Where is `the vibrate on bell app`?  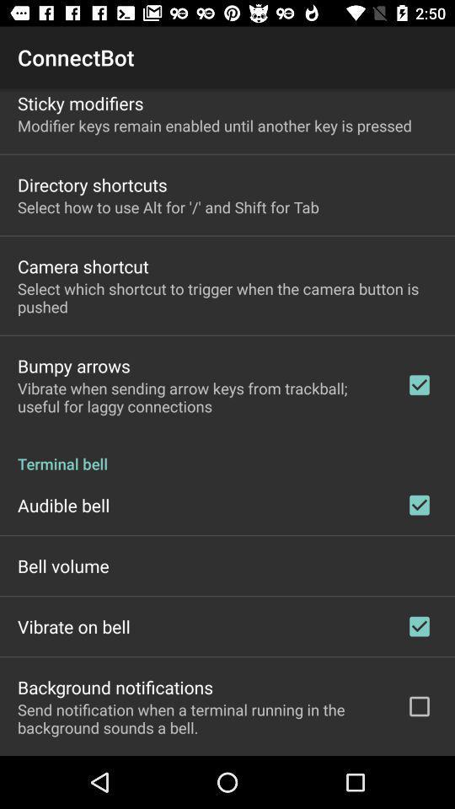
the vibrate on bell app is located at coordinates (72, 625).